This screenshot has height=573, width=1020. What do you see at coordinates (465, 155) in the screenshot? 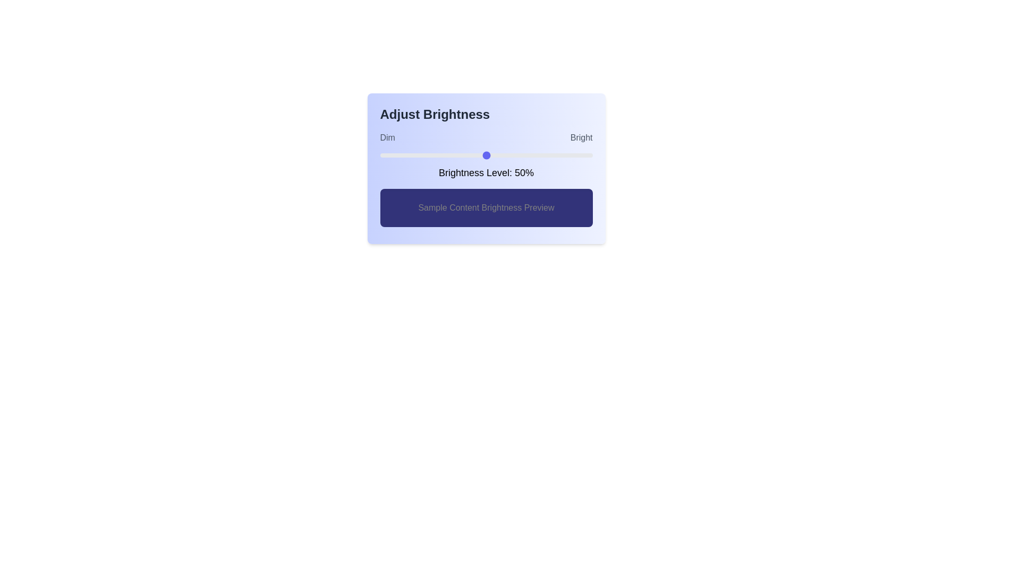
I see `the brightness level to 40% by dragging the slider` at bounding box center [465, 155].